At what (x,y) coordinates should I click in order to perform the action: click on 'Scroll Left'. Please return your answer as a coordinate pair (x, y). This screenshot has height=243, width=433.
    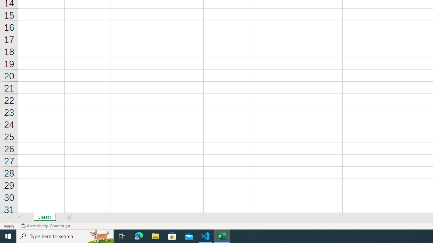
    Looking at the image, I should click on (10, 217).